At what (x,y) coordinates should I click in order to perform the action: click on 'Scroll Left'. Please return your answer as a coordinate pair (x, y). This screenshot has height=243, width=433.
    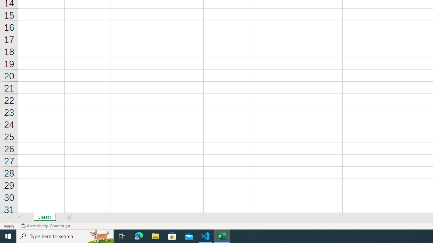
    Looking at the image, I should click on (10, 217).